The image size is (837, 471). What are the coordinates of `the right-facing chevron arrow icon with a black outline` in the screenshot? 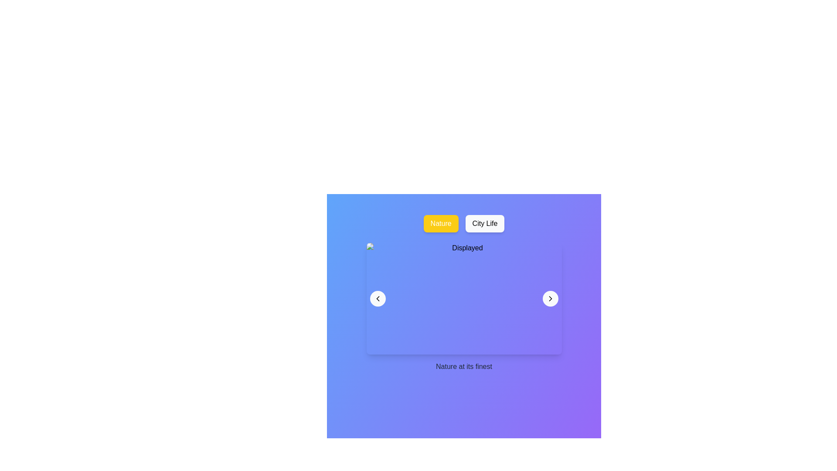 It's located at (550, 298).